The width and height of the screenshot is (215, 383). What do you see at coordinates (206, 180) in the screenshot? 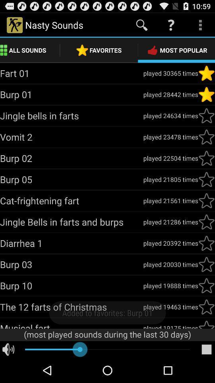
I see `star beside burp 05` at bounding box center [206, 180].